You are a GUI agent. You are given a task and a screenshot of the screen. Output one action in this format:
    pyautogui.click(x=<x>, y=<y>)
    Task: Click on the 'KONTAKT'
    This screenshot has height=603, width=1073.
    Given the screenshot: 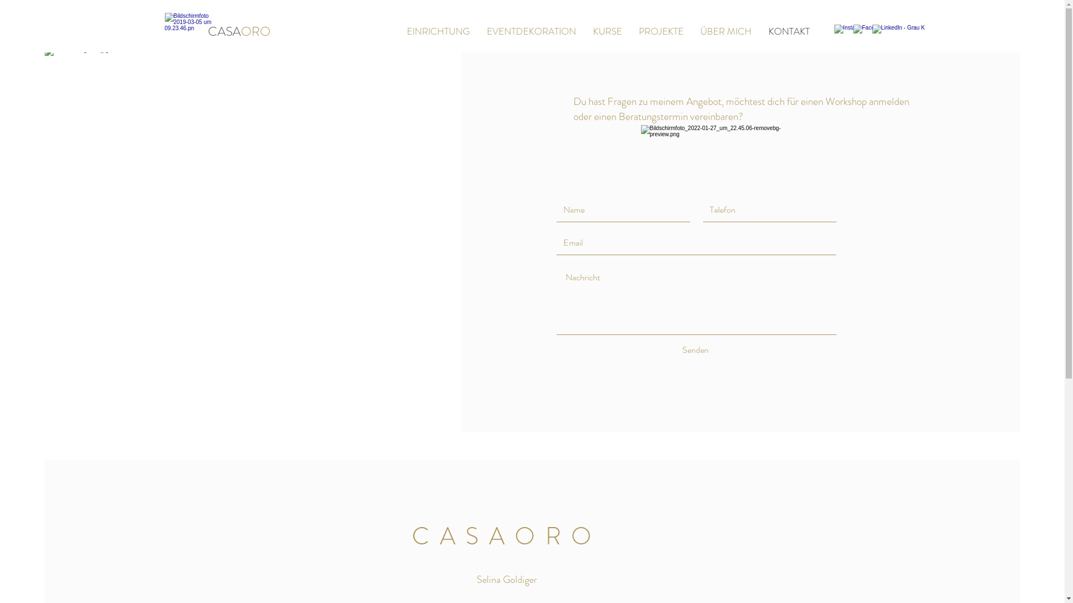 What is the action you would take?
    pyautogui.click(x=788, y=31)
    